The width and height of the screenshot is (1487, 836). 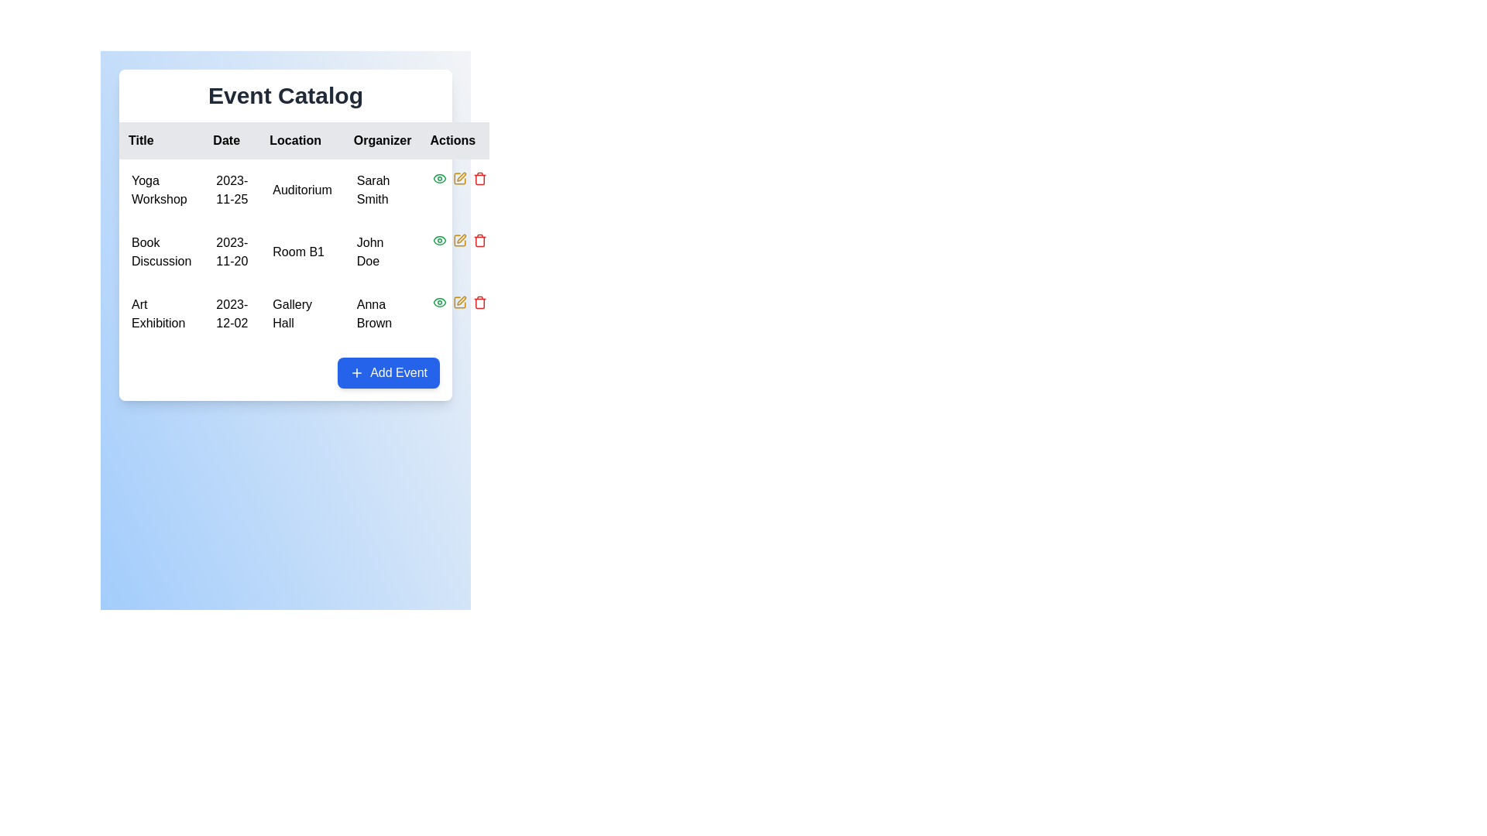 I want to click on the green eye icon button in the 'Actions' column of the second row of the data grid, so click(x=439, y=178).